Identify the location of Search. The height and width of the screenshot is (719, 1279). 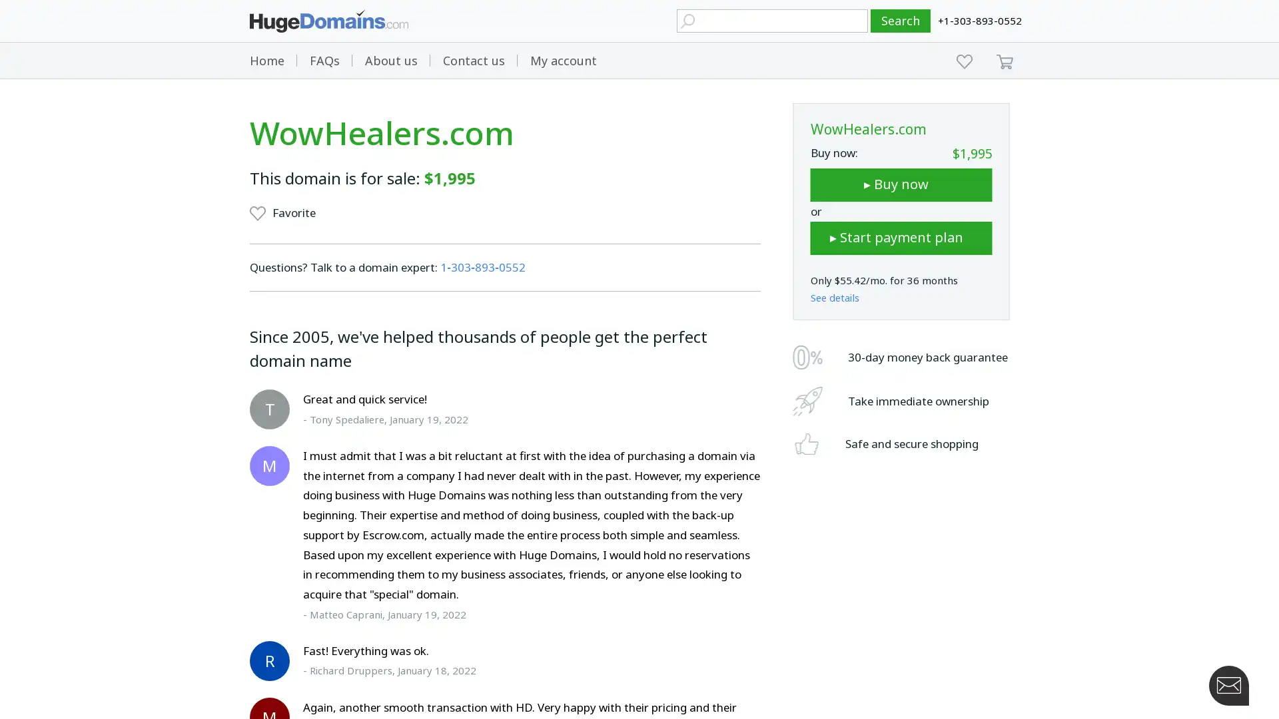
(901, 21).